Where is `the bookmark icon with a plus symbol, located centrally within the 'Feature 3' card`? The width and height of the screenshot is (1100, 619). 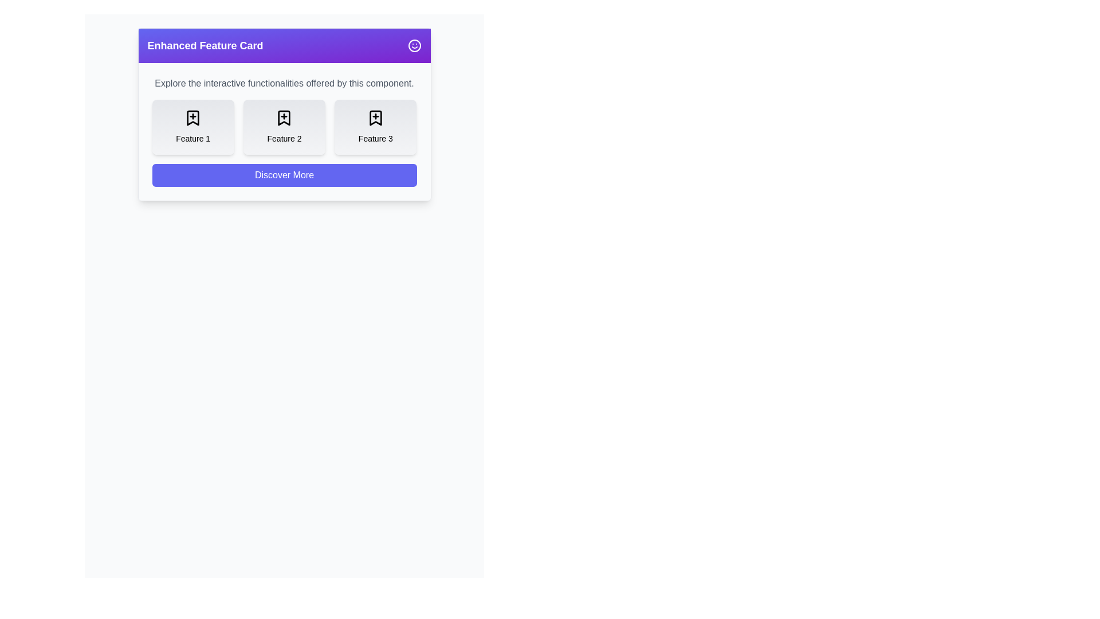
the bookmark icon with a plus symbol, located centrally within the 'Feature 3' card is located at coordinates (375, 117).